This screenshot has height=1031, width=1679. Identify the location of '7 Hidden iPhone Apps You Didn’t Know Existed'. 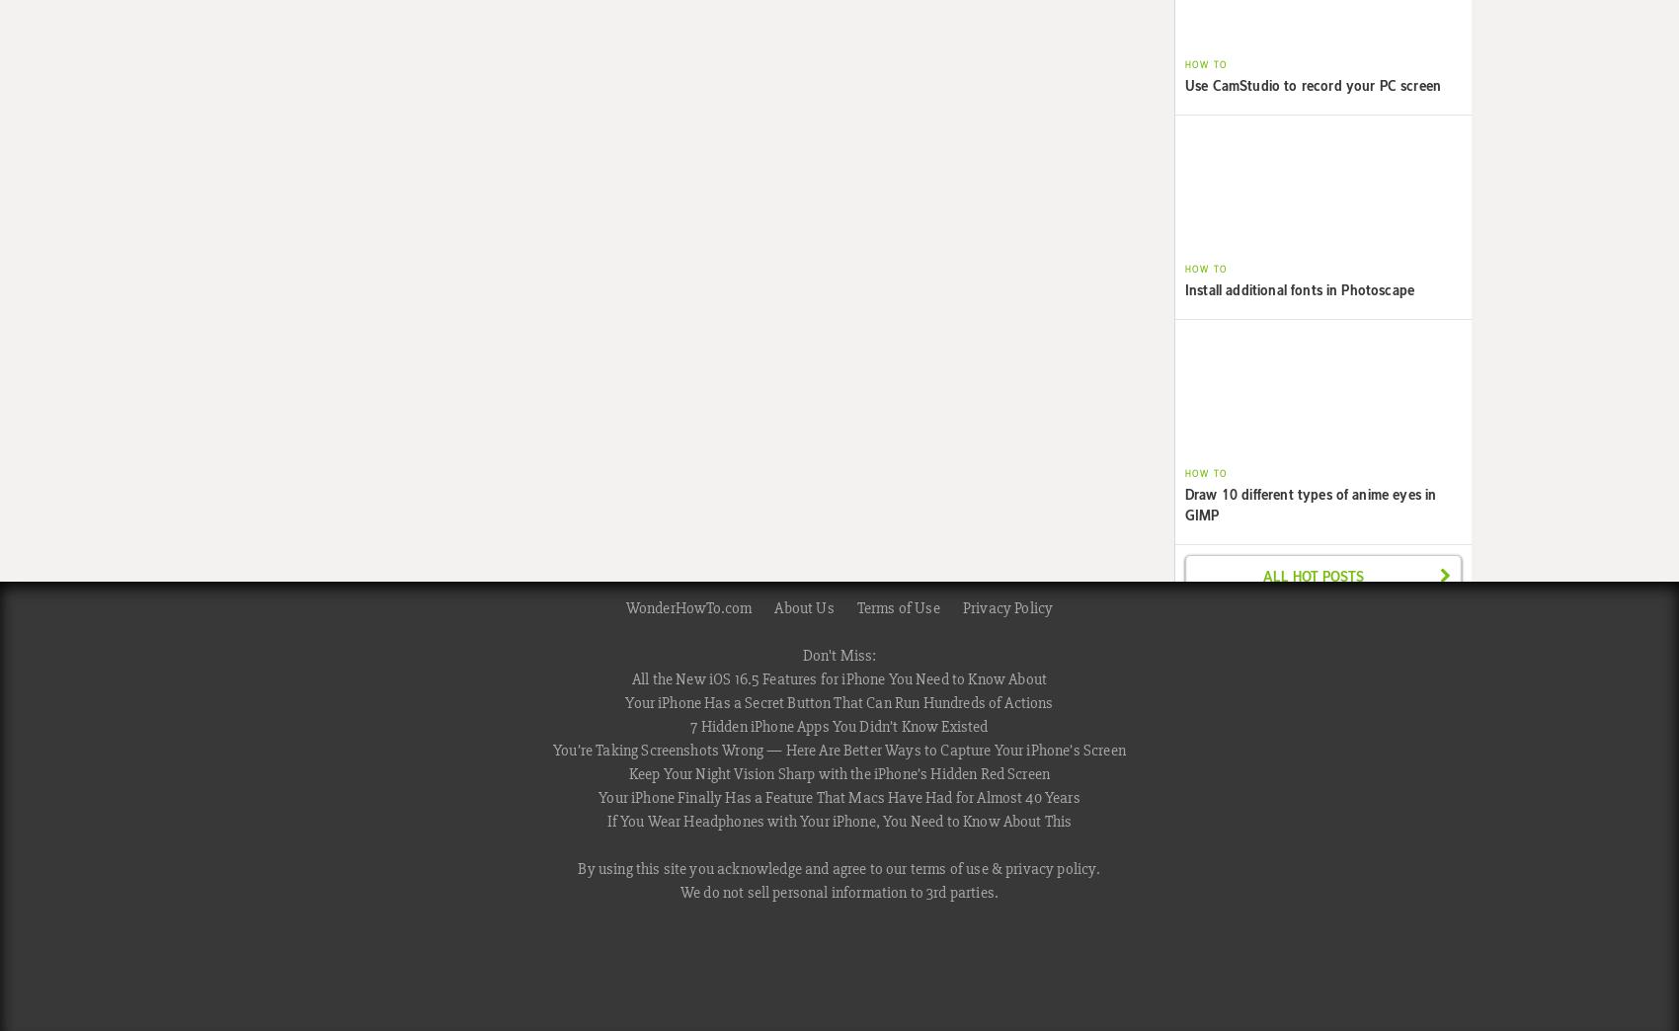
(838, 727).